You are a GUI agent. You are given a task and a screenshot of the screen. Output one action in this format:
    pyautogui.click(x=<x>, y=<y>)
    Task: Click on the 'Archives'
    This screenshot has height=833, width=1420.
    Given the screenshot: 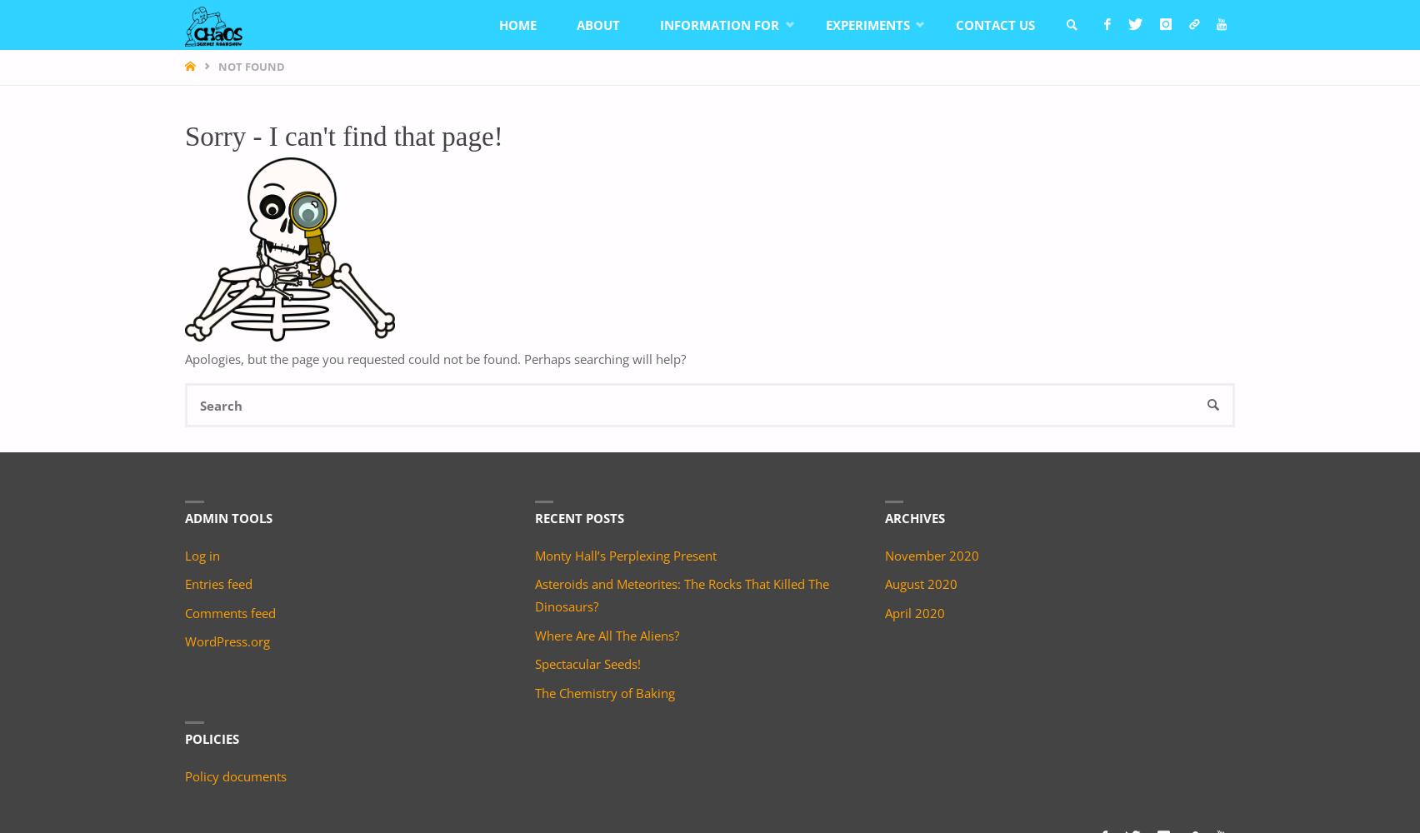 What is the action you would take?
    pyautogui.click(x=913, y=516)
    